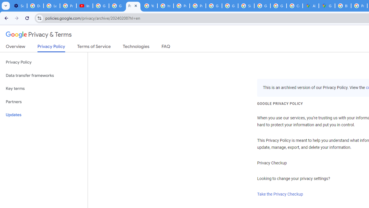  I want to click on 'Delete photos & videos - Computer - Google Photos Help', so click(35, 6).